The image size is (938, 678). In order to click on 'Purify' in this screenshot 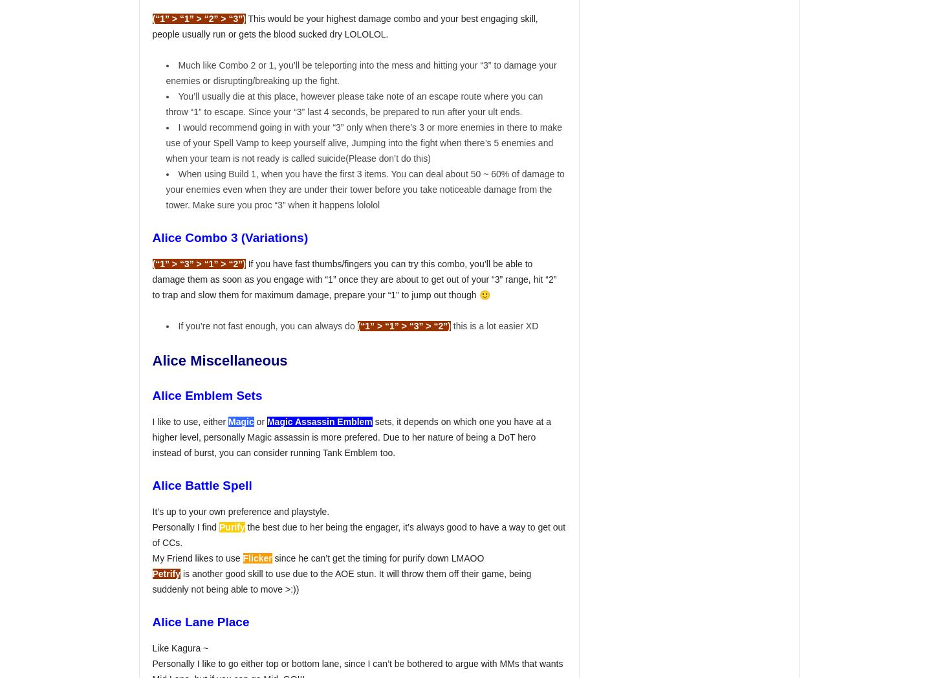, I will do `click(232, 527)`.